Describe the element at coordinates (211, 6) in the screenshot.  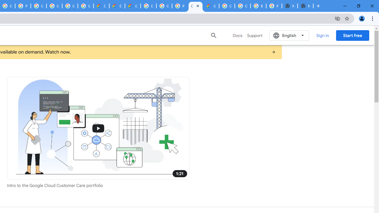
I see `'Google Cloud Service Health'` at that location.